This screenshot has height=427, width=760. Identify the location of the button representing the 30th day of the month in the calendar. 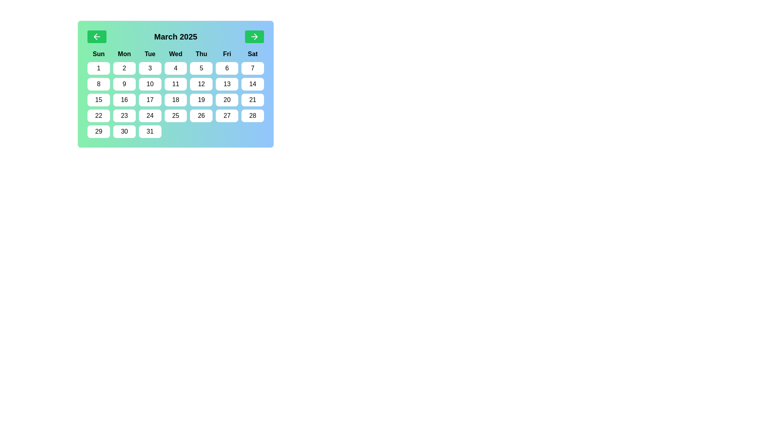
(124, 131).